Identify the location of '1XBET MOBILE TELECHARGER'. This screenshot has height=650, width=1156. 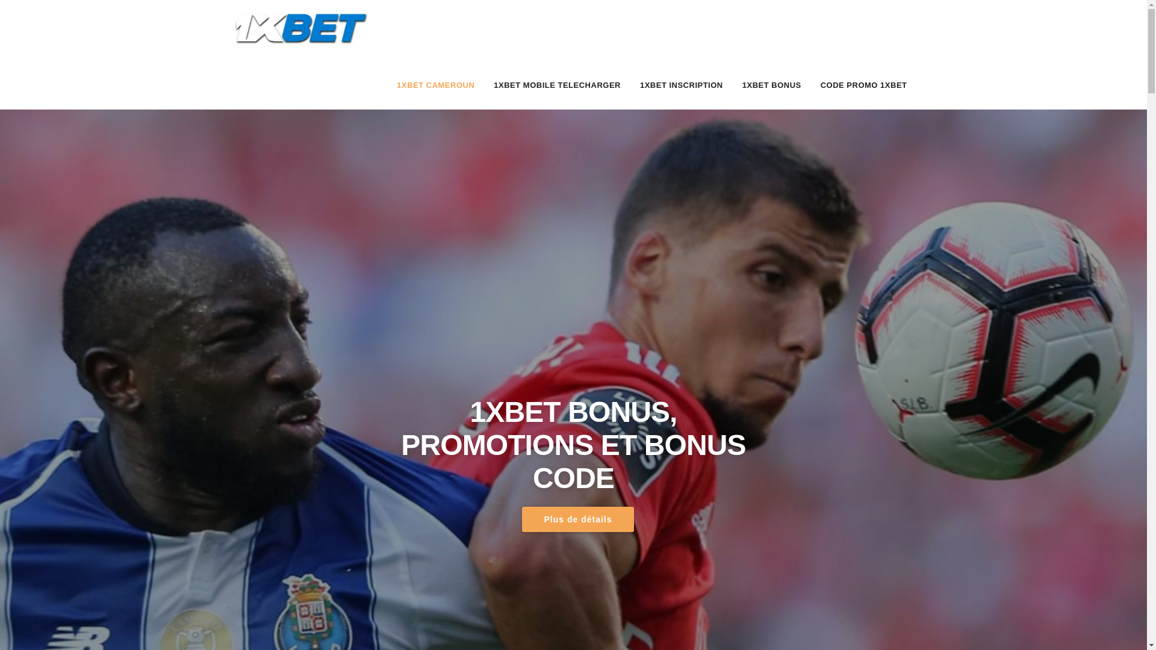
(556, 85).